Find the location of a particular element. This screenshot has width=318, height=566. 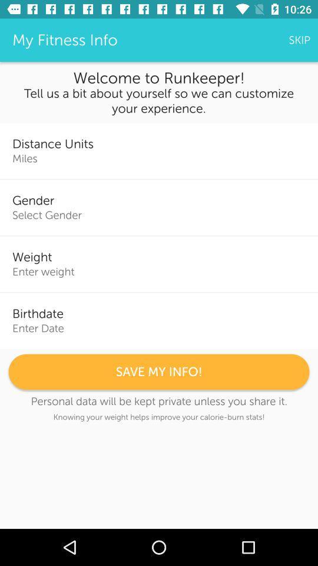

the text at bottom shown below enter date is located at coordinates (159, 371).